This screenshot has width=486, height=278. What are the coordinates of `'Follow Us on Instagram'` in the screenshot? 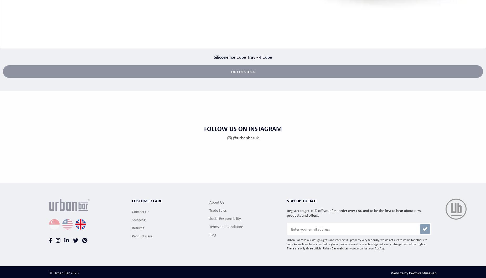 It's located at (243, 128).